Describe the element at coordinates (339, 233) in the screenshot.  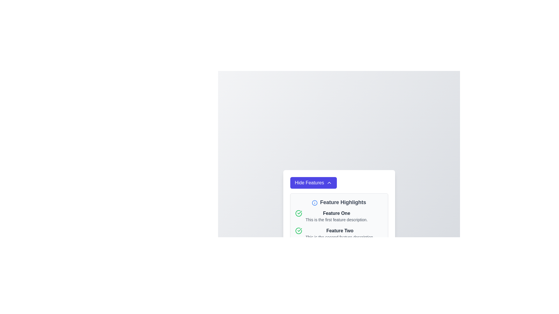
I see `the 'Feature Two' description item` at that location.